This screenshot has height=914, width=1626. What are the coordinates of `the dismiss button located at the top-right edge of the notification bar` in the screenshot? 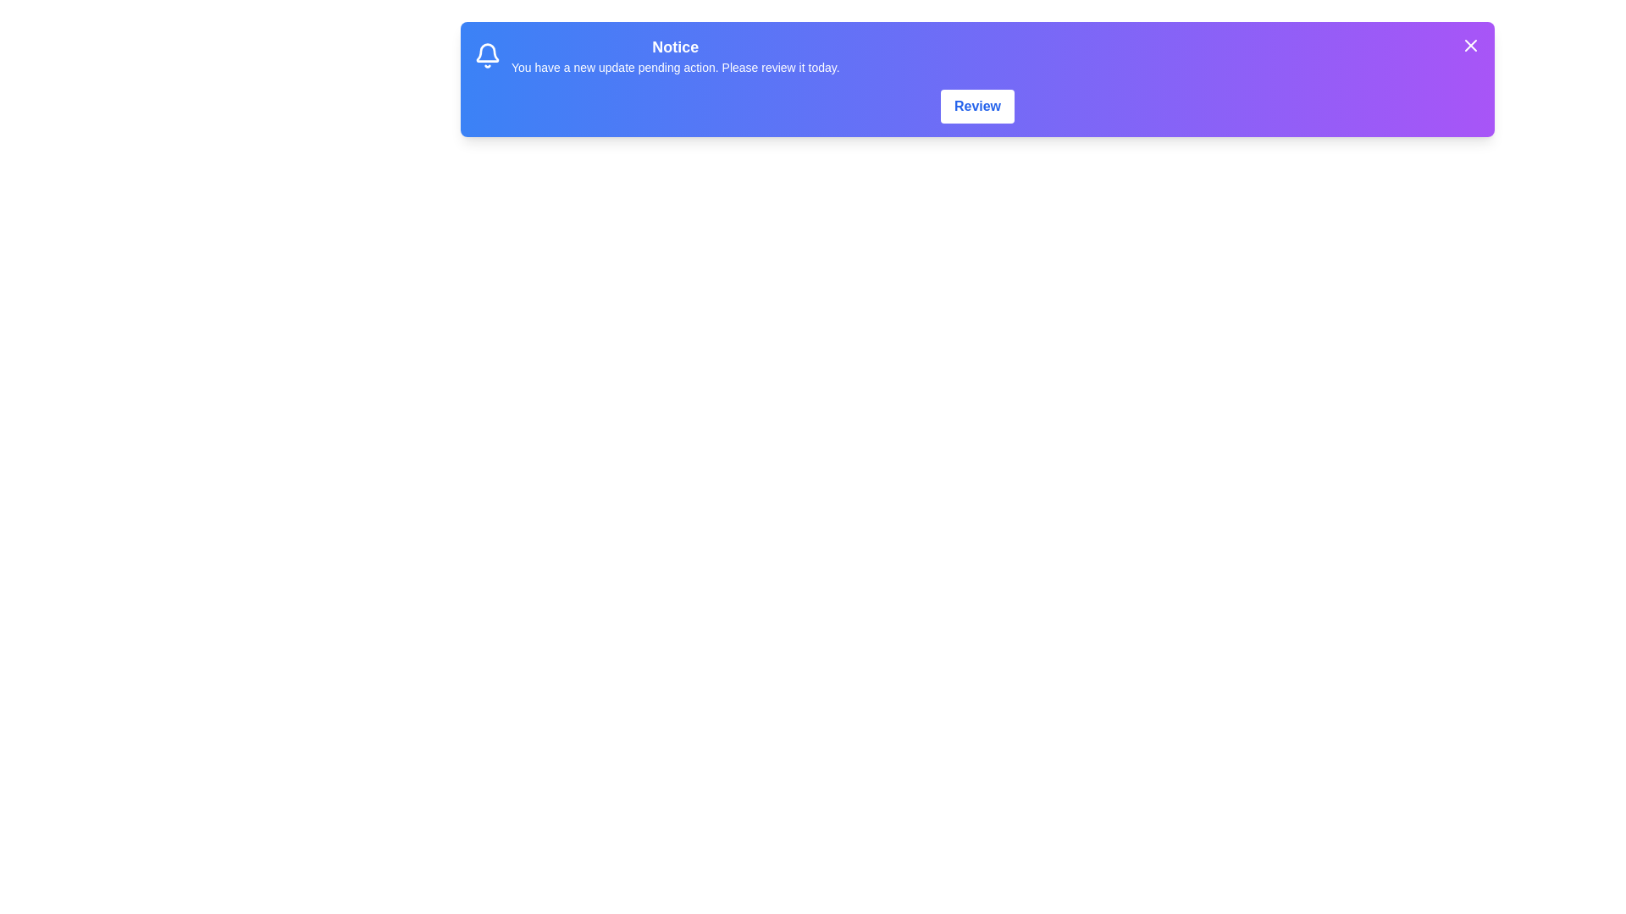 It's located at (1470, 45).